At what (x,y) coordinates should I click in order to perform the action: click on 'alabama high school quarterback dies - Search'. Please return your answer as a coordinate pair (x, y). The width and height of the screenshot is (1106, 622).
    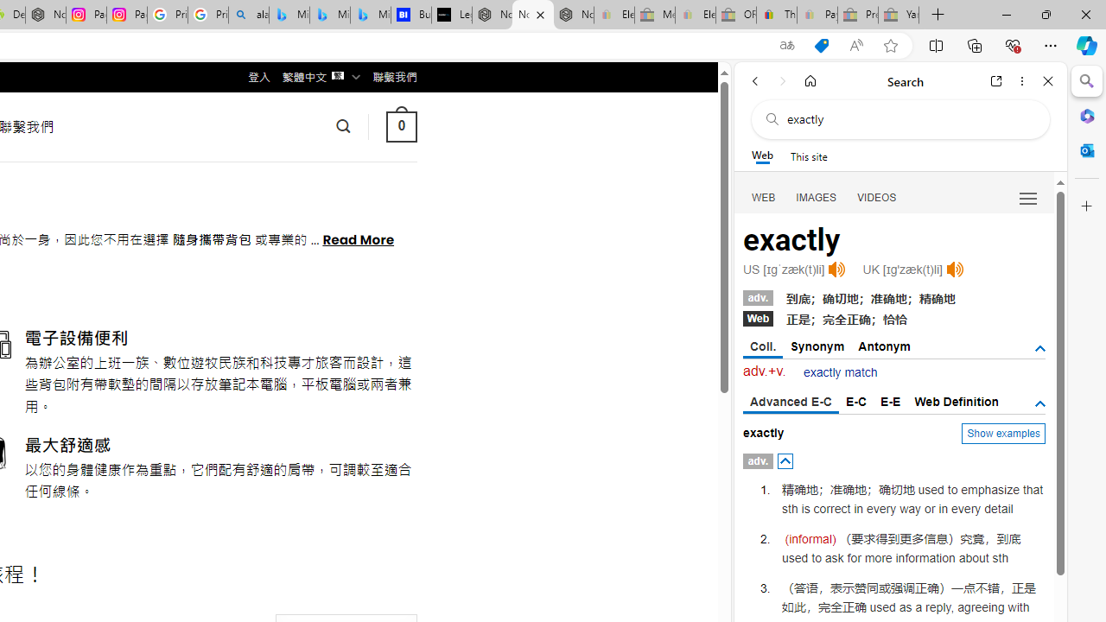
    Looking at the image, I should click on (248, 15).